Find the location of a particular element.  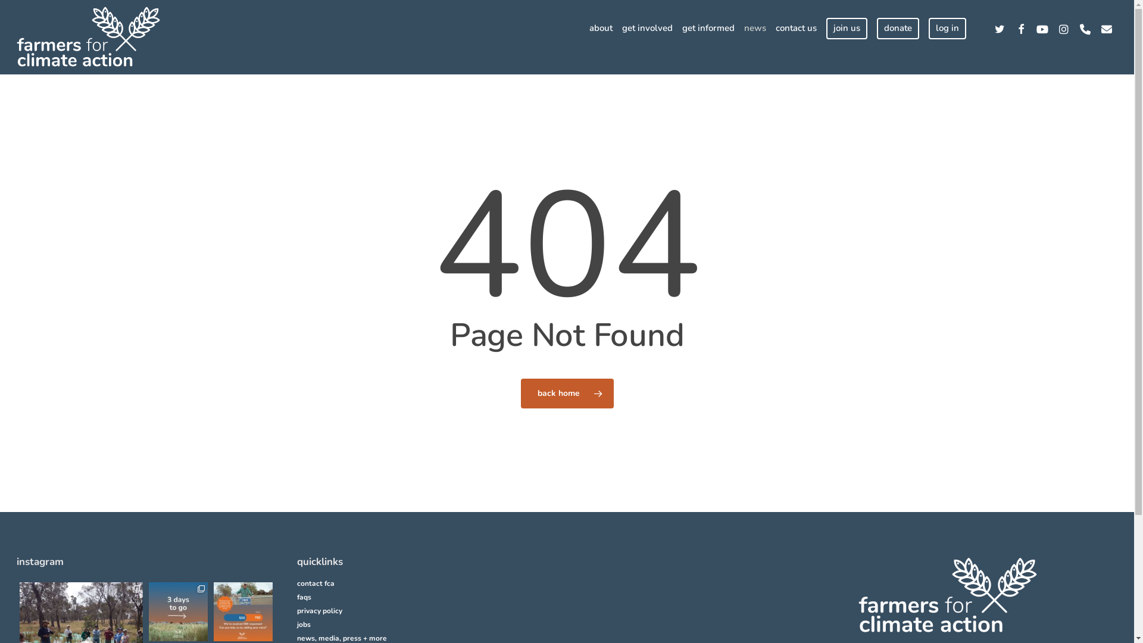

'get involved' is located at coordinates (647, 27).